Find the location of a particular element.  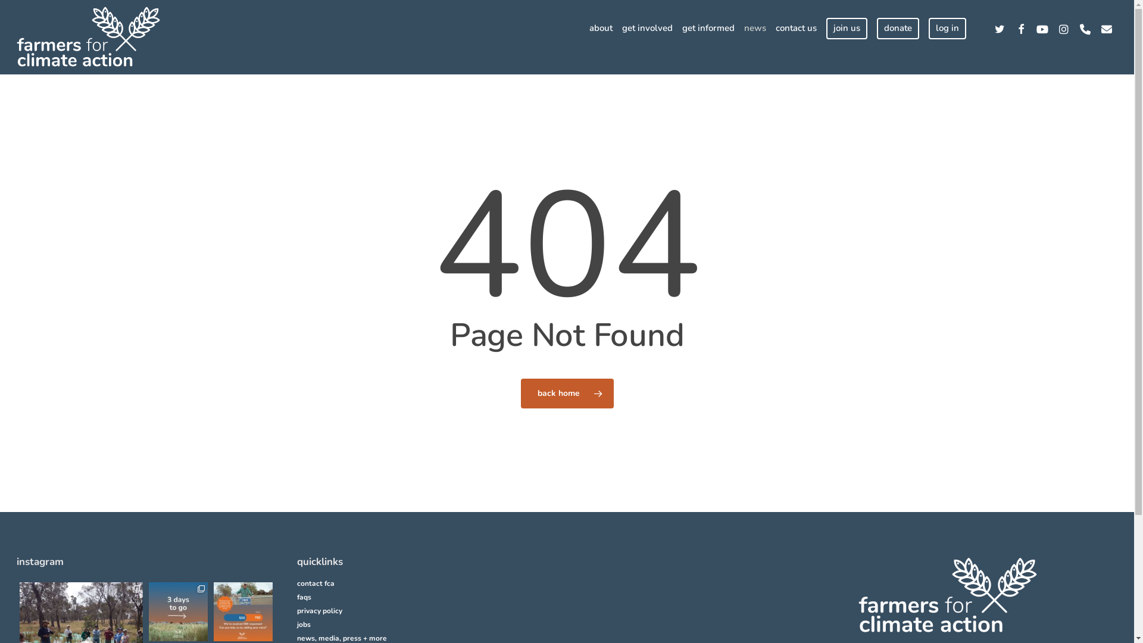

'get involved' is located at coordinates (647, 27).